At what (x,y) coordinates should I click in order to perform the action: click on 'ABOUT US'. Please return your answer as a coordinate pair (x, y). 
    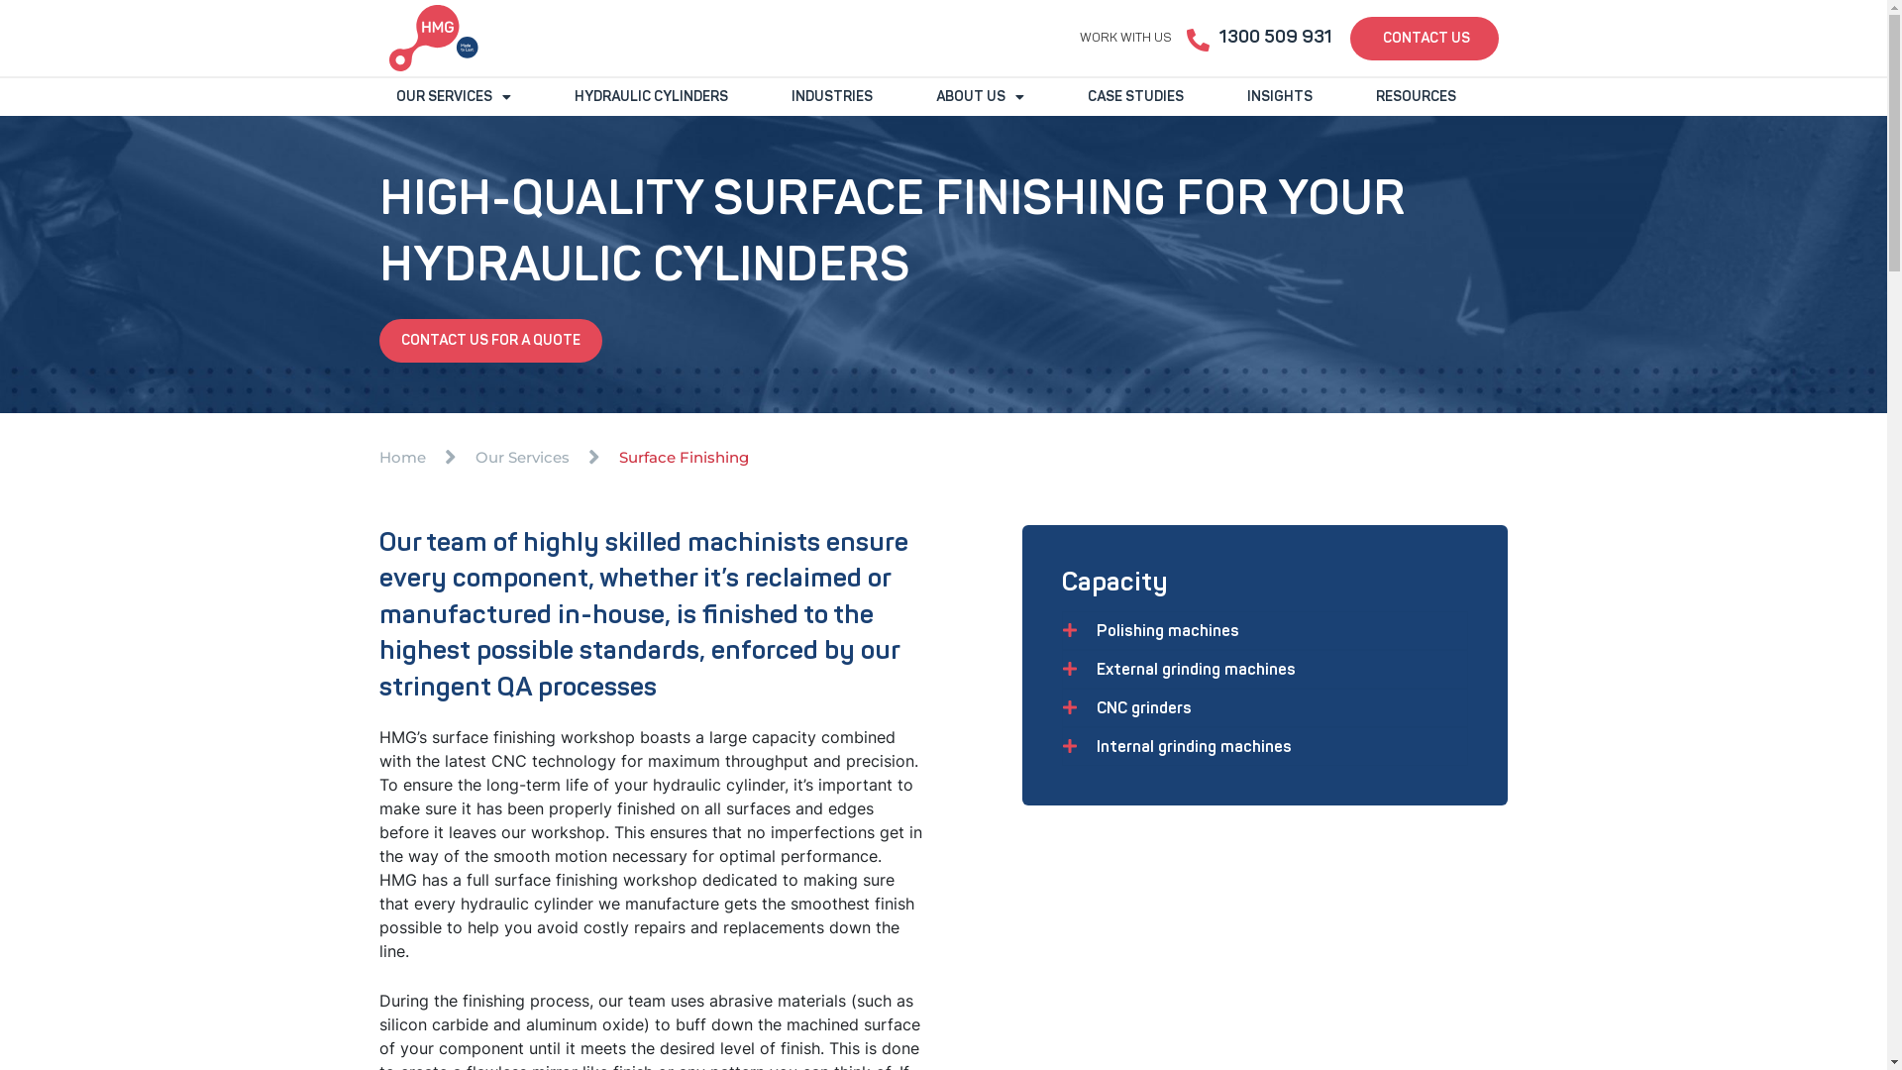
    Looking at the image, I should click on (980, 96).